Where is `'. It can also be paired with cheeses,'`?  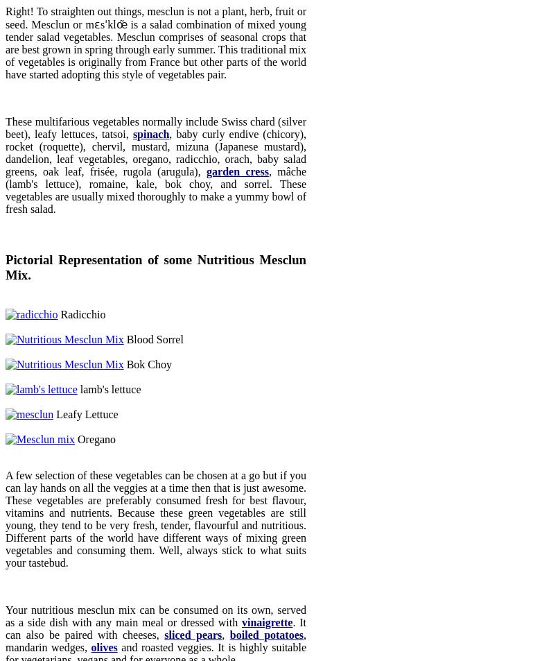
'. It can also be paired with cheeses,' is located at coordinates (5, 628).